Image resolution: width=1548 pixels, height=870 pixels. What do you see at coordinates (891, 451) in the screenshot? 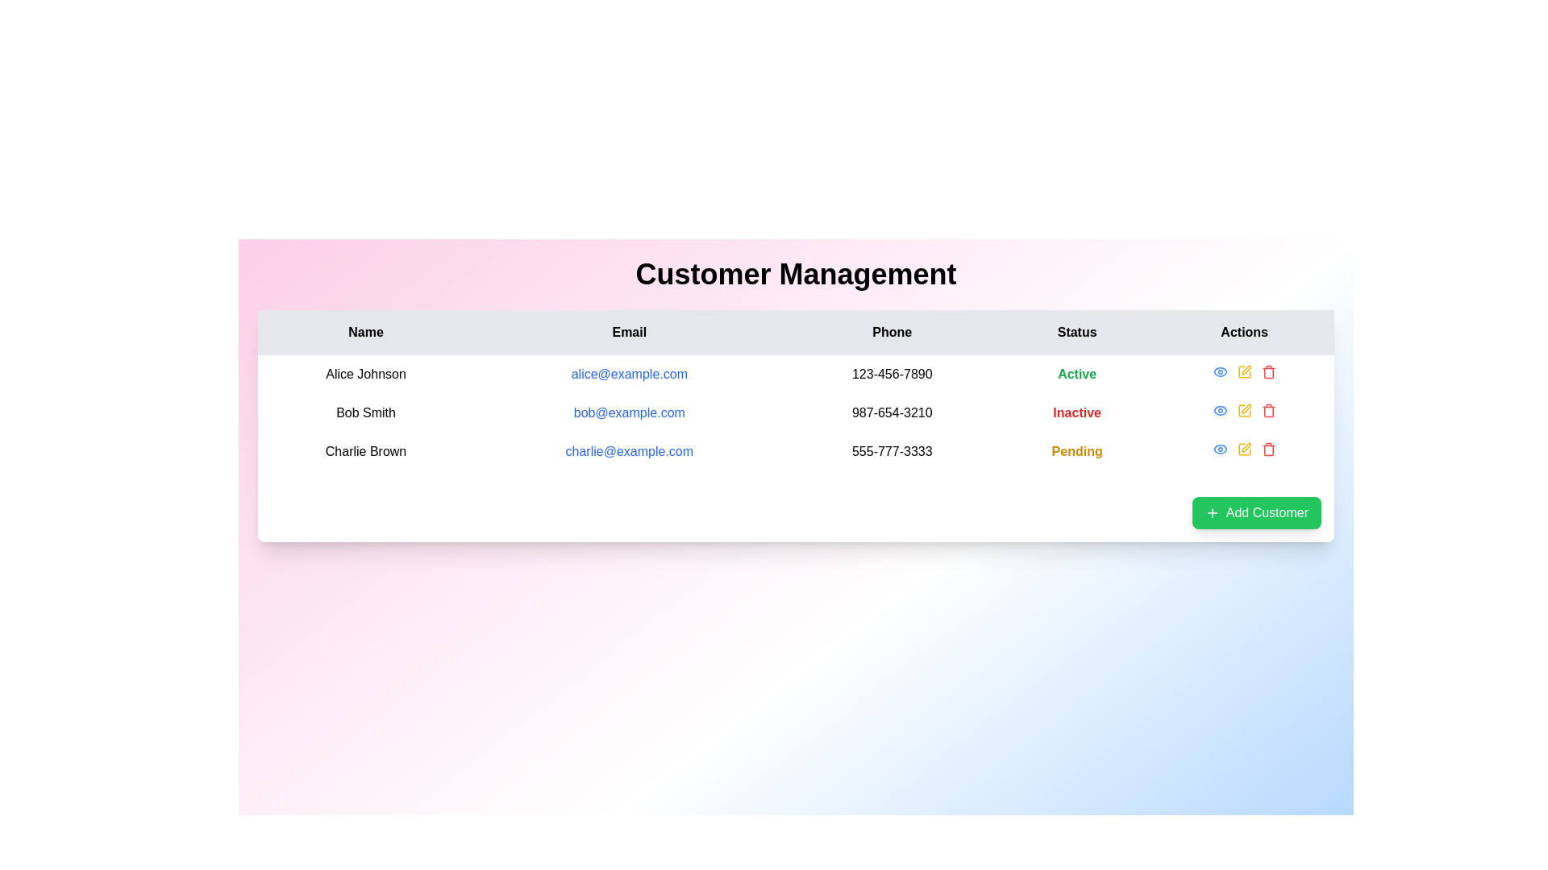
I see `the static text display showing the phone number for 'Charlie Brown', located in the third row of the table under the 'Phone' column` at bounding box center [891, 451].